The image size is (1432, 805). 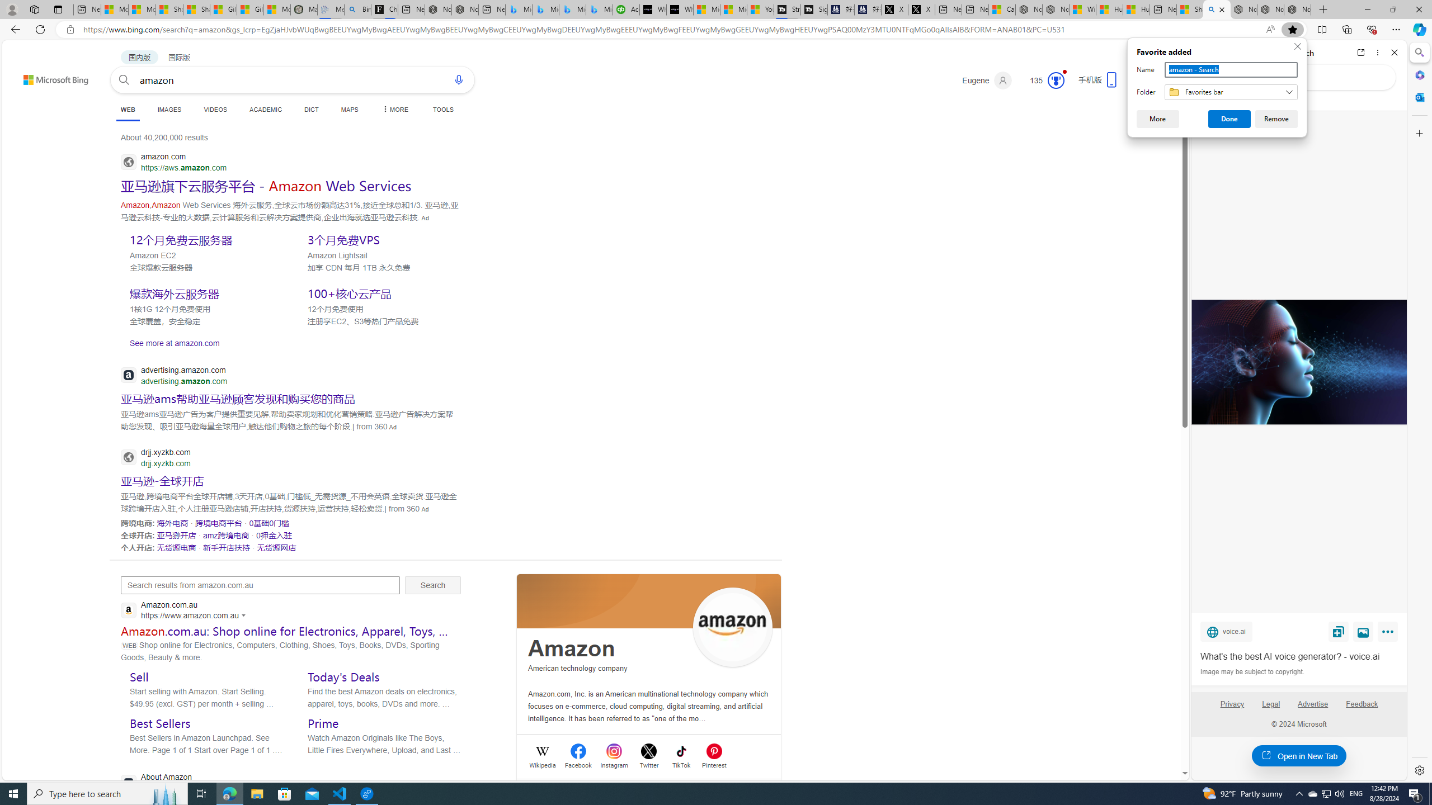 I want to click on 'Microsoft Store', so click(x=285, y=793).